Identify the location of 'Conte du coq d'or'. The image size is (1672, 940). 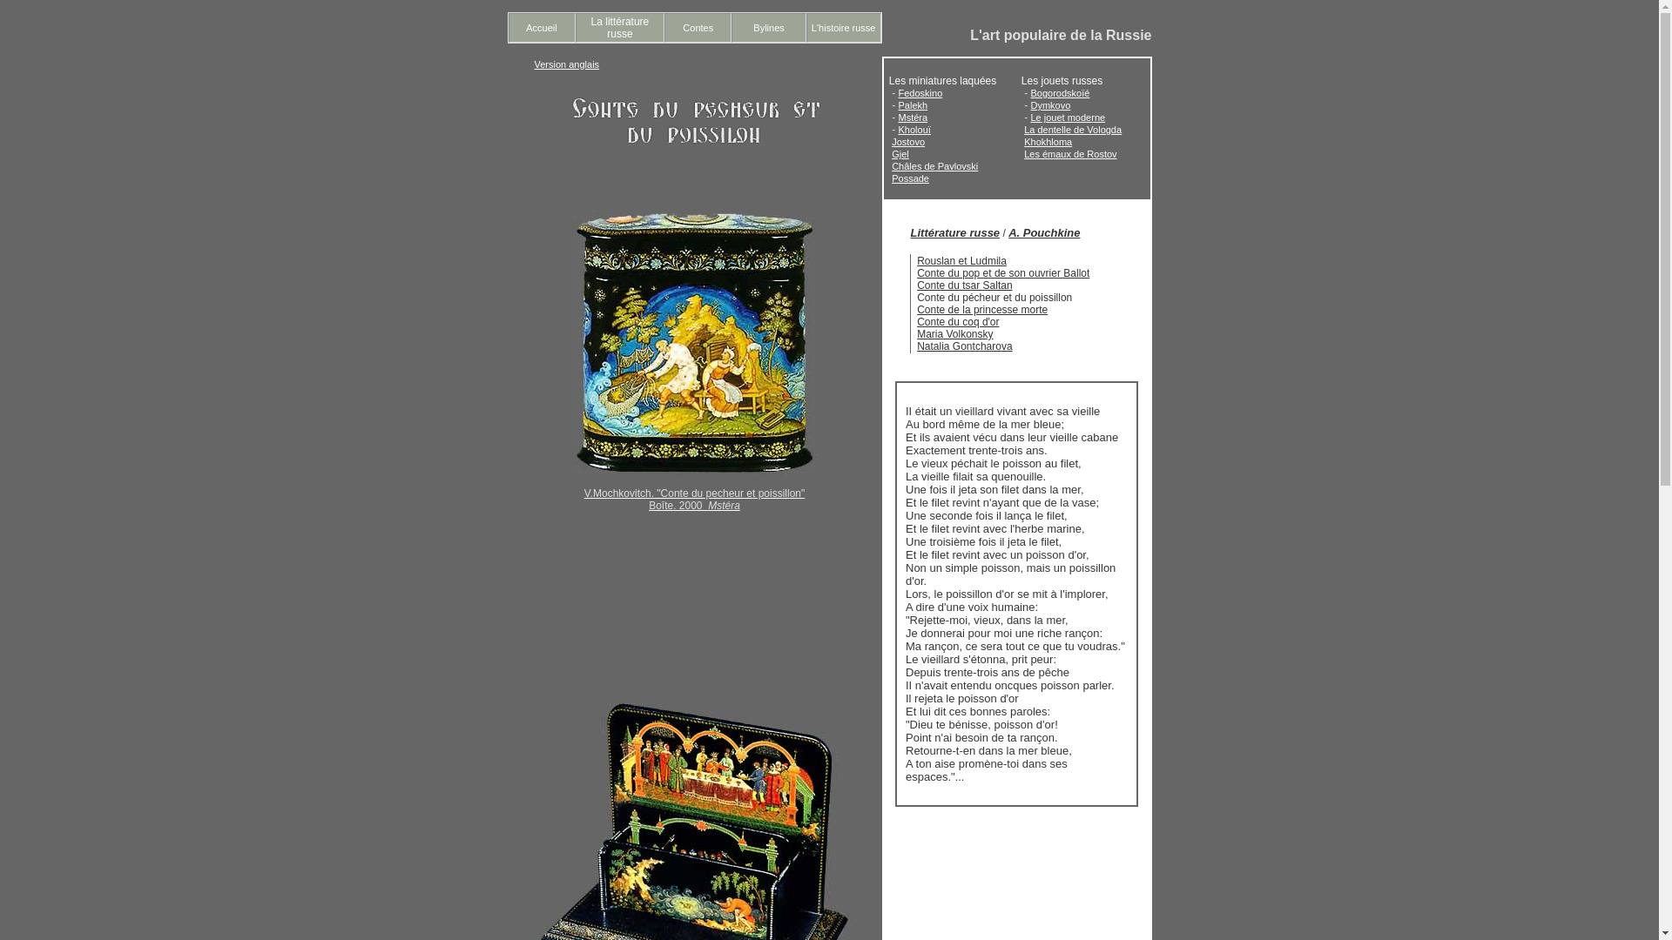
(956, 322).